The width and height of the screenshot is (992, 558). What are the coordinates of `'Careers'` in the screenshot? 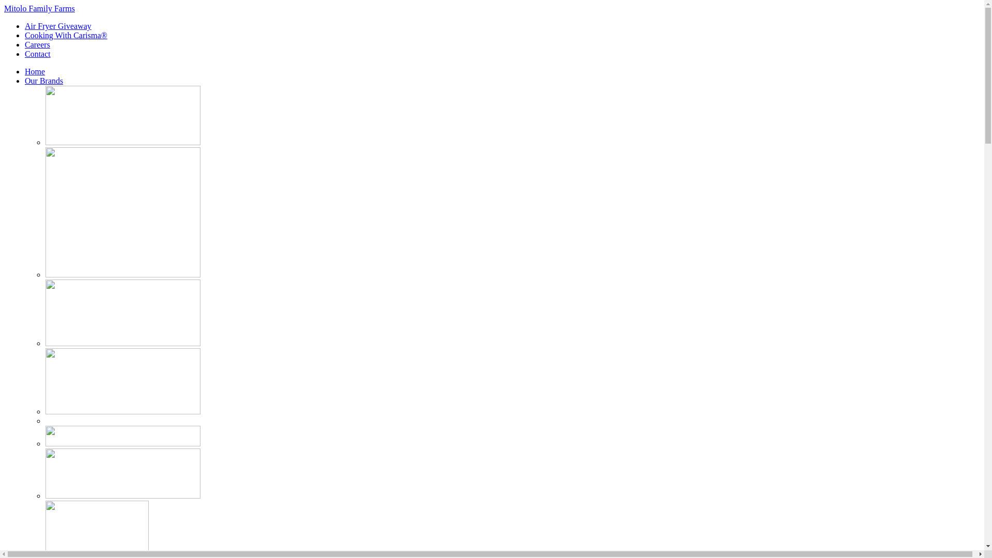 It's located at (37, 44).